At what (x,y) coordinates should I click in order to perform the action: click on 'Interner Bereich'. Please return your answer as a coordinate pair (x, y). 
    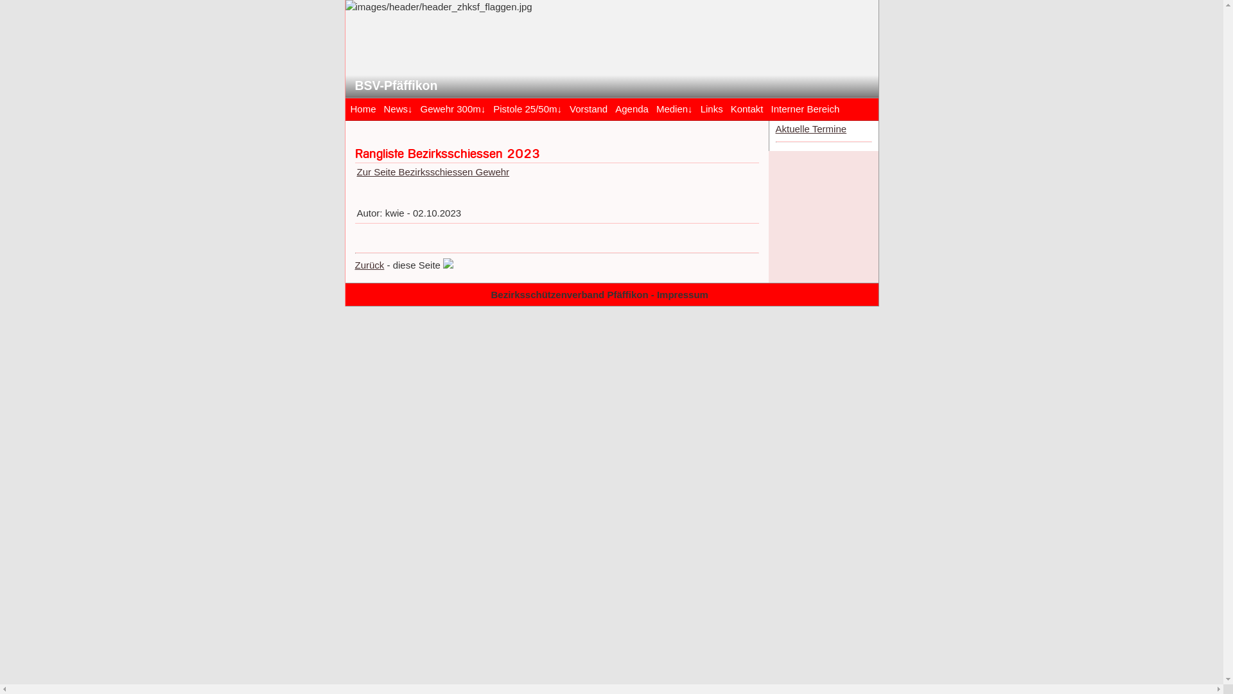
    Looking at the image, I should click on (805, 107).